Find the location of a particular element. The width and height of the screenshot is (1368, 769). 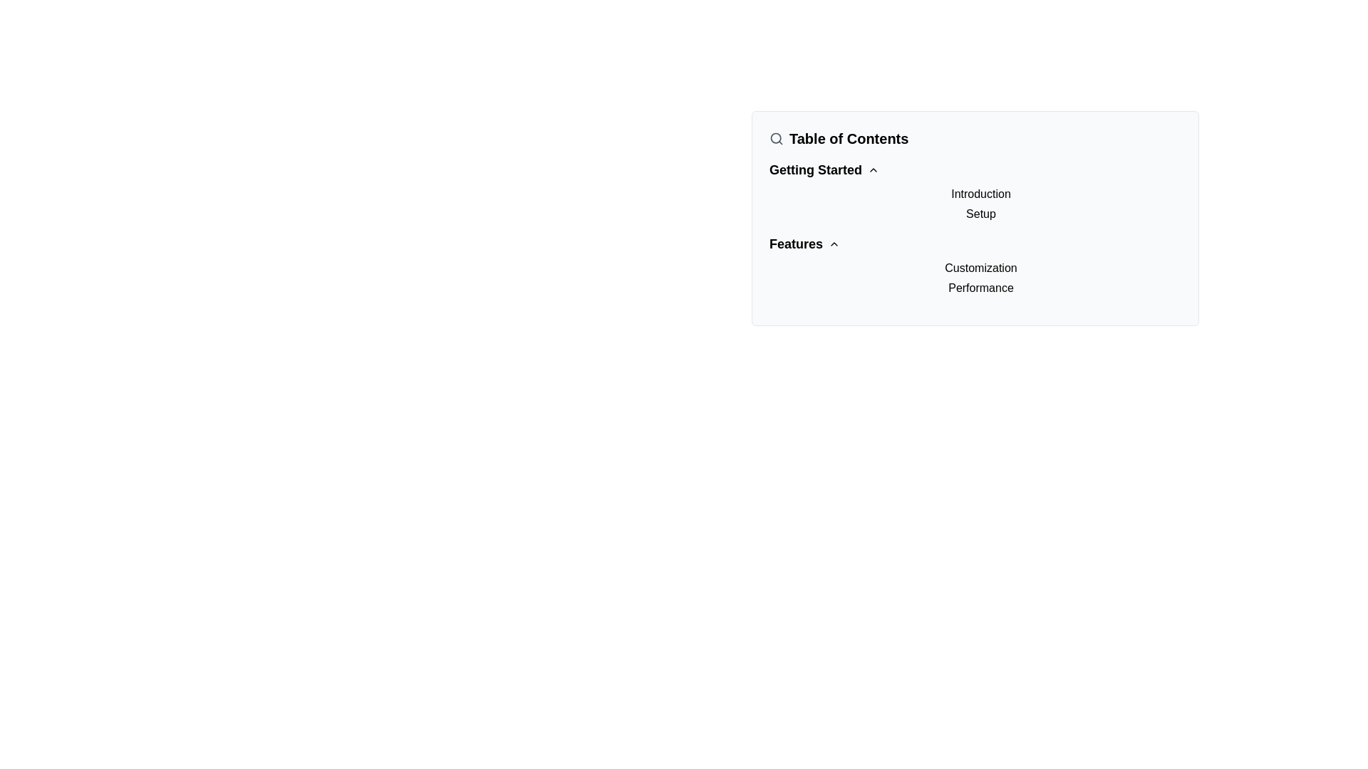

the icon associated with the 'Table of Contents' header, positioned to the left of the bold 'Table of Contents' text is located at coordinates (775, 139).